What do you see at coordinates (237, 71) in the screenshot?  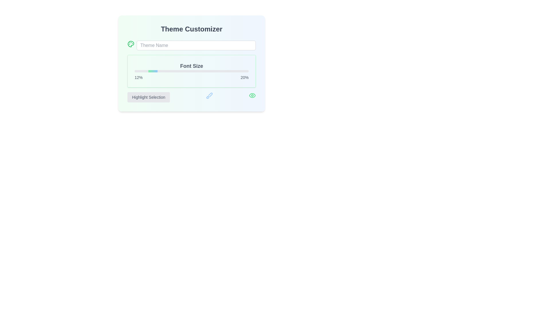 I see `the slider` at bounding box center [237, 71].